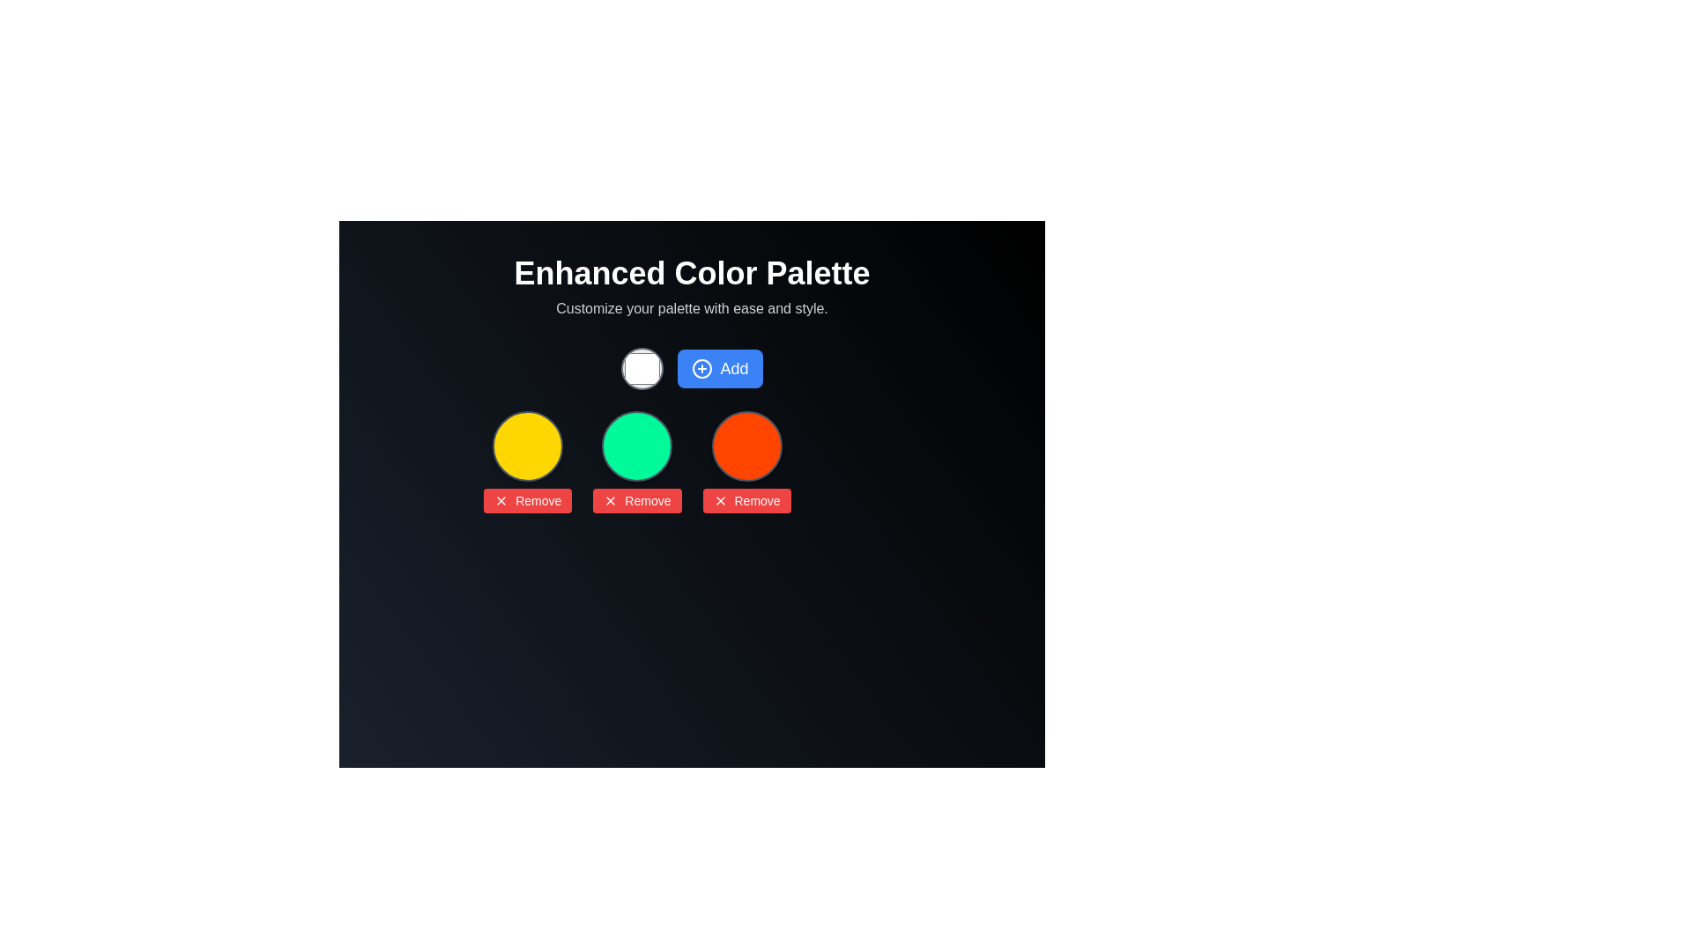 Image resolution: width=1692 pixels, height=951 pixels. Describe the element at coordinates (636, 501) in the screenshot. I see `the 'Remove' button located below the green circle` at that location.